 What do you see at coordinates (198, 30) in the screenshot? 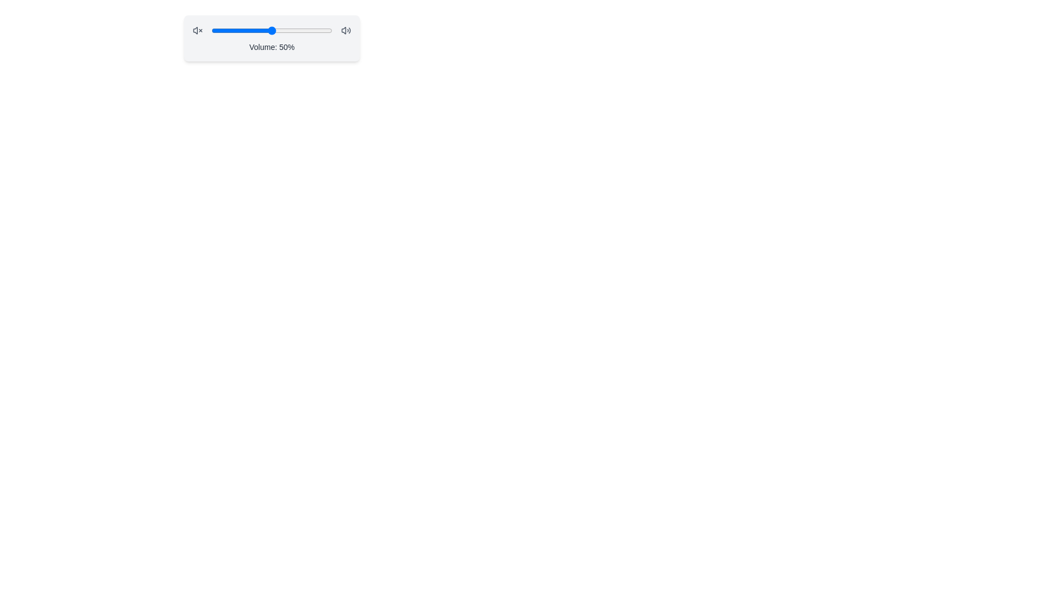
I see `the mute icon to mute the audio` at bounding box center [198, 30].